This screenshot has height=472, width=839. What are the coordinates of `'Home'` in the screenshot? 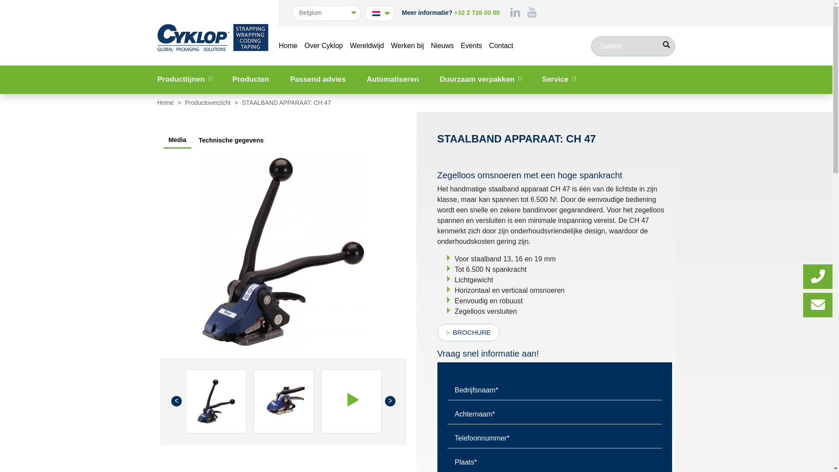 It's located at (288, 45).